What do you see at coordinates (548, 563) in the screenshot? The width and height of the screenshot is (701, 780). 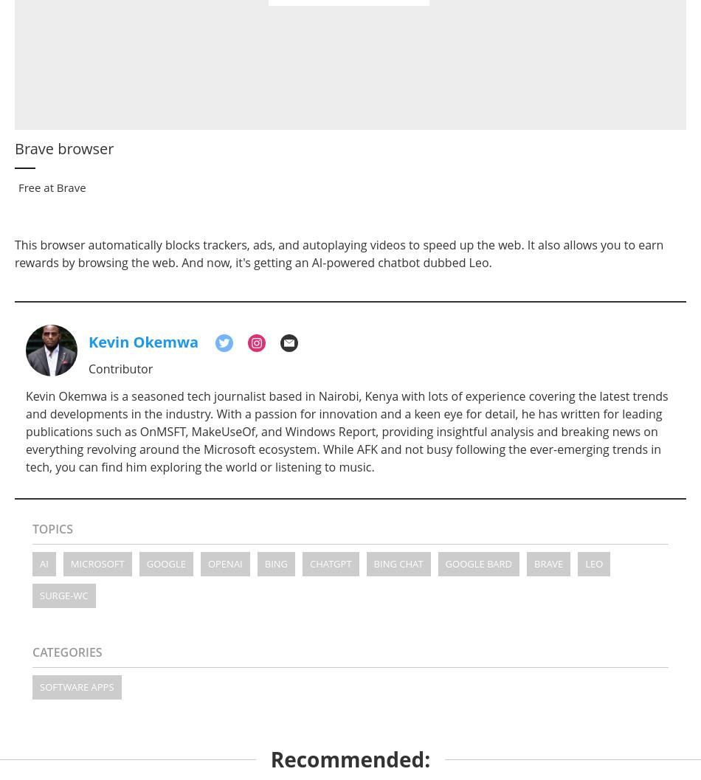 I see `'brave'` at bounding box center [548, 563].